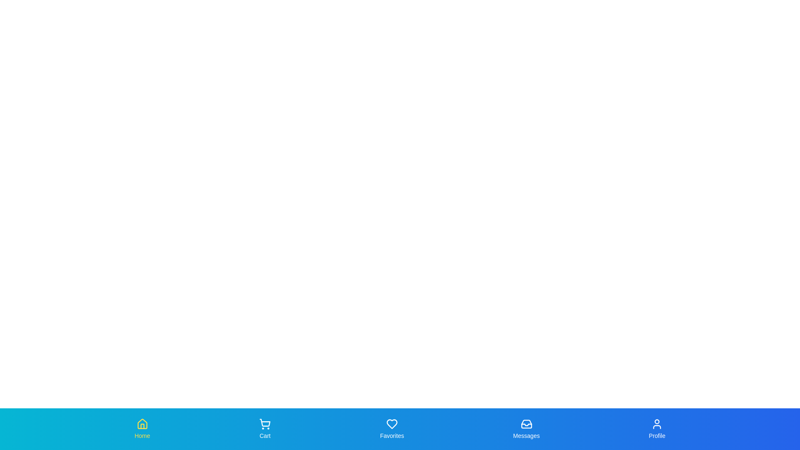  I want to click on the Home tab to observe its hover effect, so click(142, 429).